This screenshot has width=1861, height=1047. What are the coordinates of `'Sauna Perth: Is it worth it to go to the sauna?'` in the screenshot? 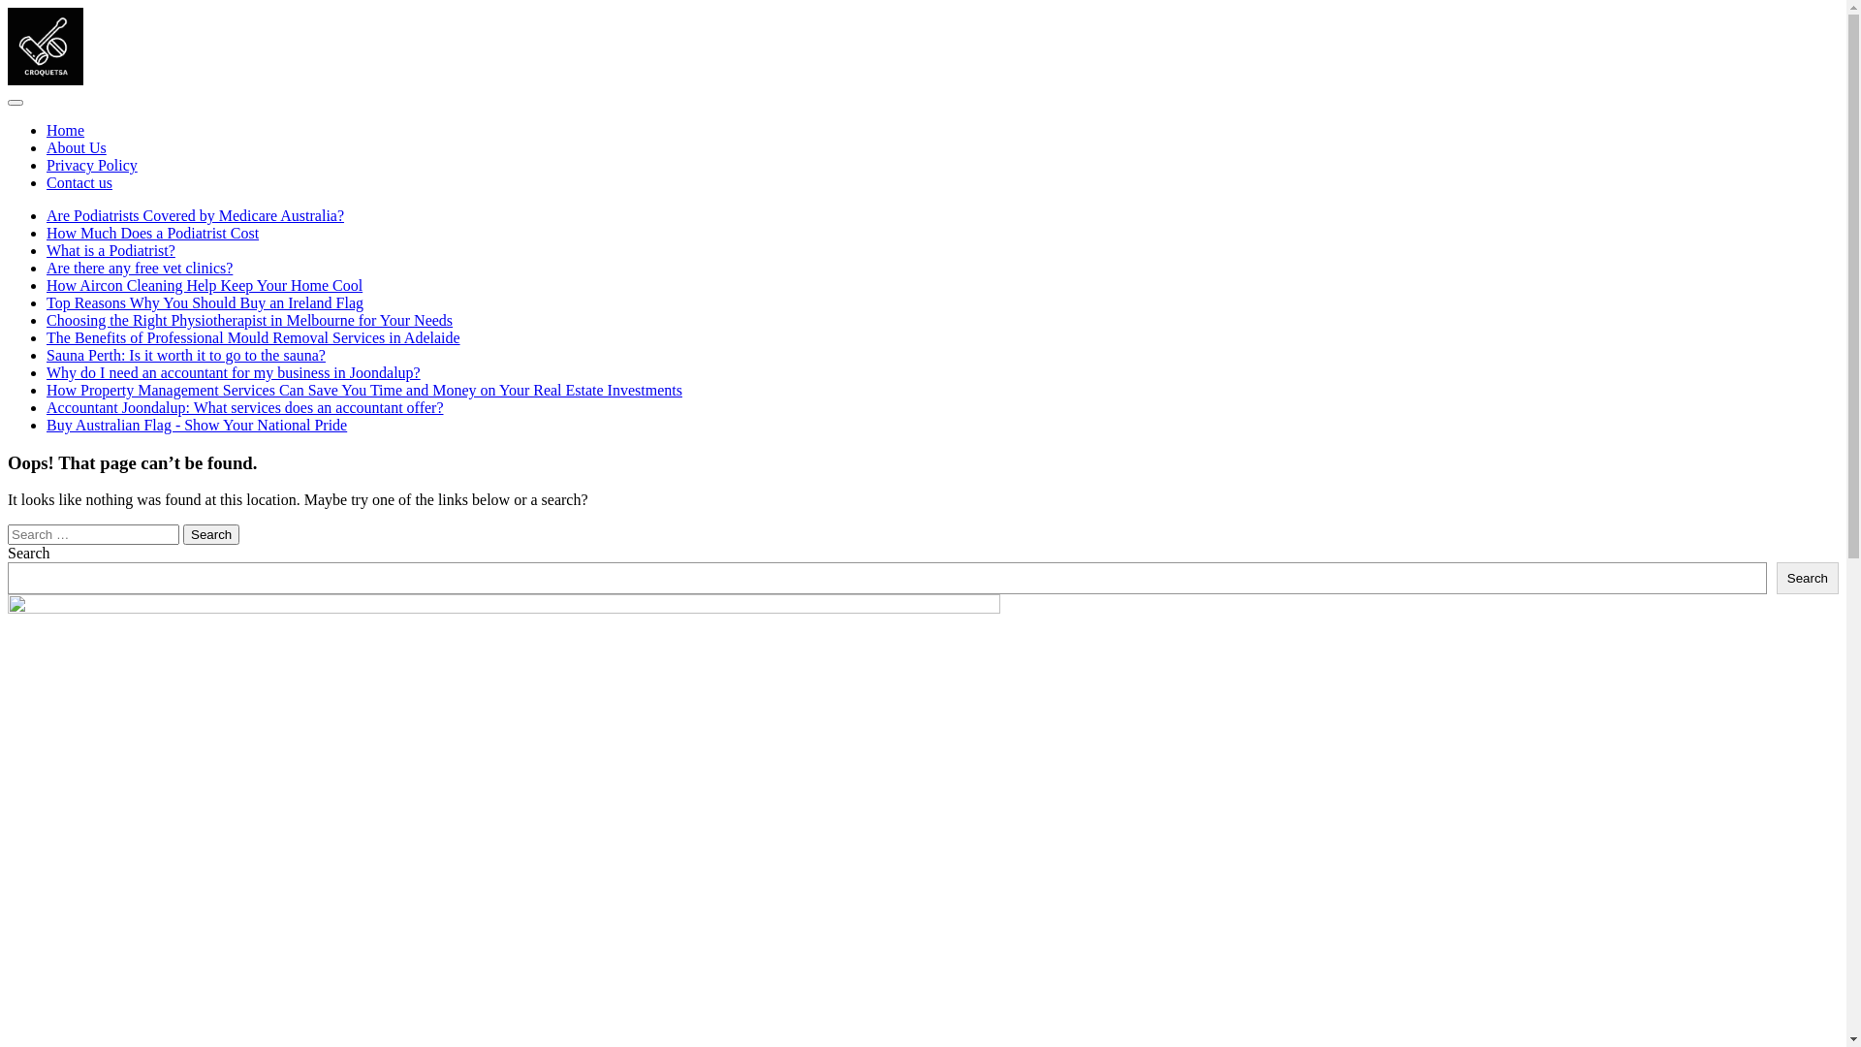 It's located at (47, 355).